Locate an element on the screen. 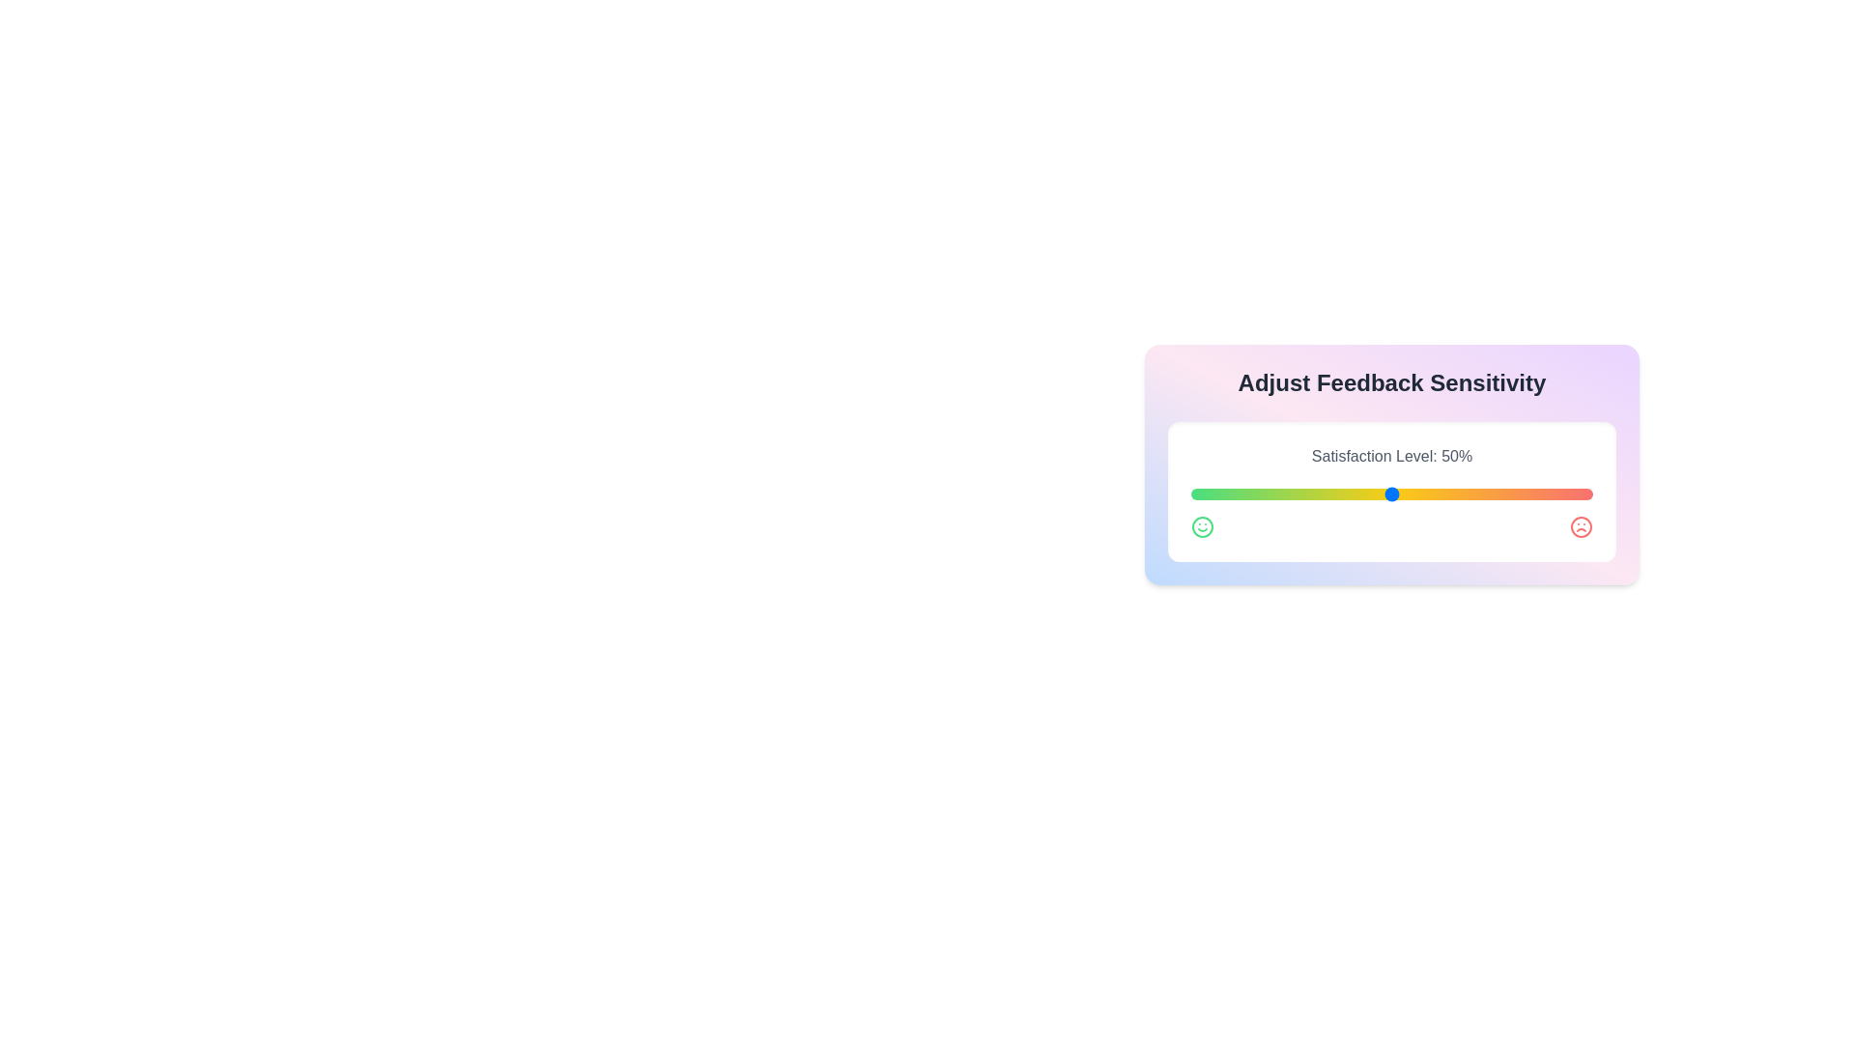 The height and width of the screenshot is (1043, 1855). the satisfaction level slider to 99% is located at coordinates (1588, 493).